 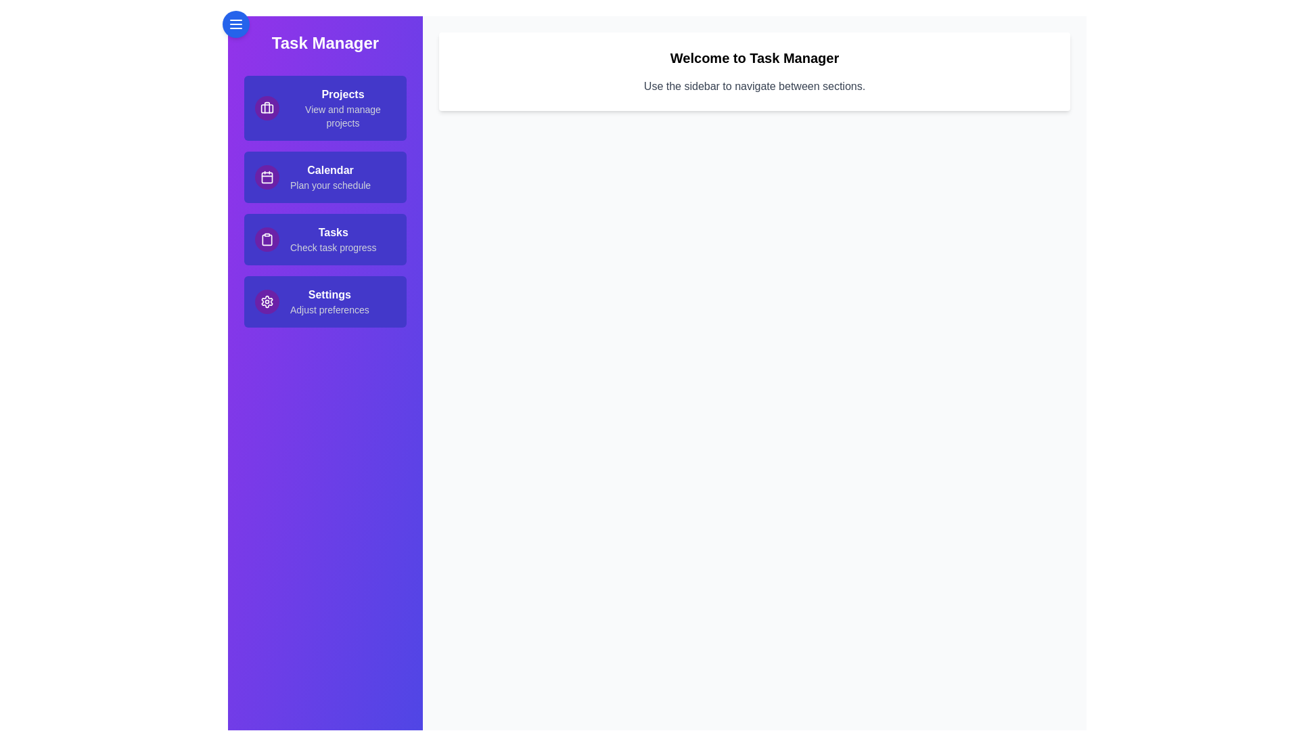 I want to click on the sidebar item Tasks to reveal its hover effect, so click(x=325, y=239).